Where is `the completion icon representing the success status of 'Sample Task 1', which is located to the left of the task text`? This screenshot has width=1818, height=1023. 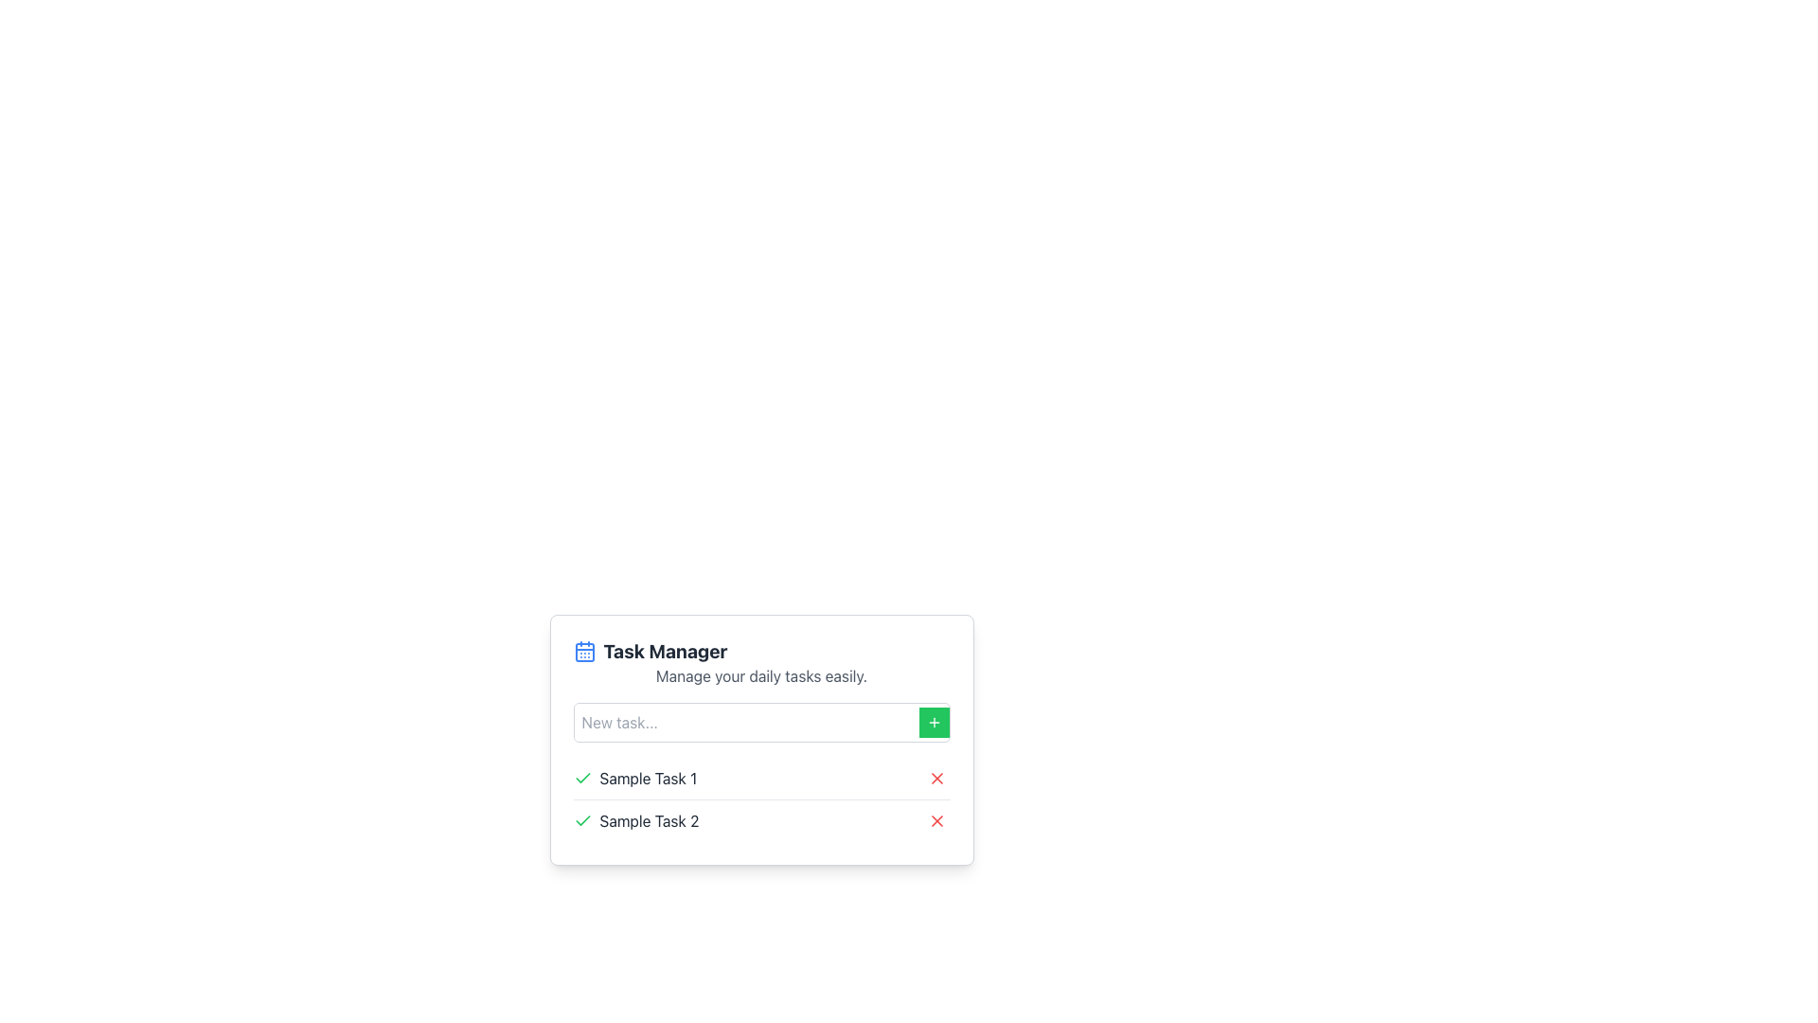
the completion icon representing the success status of 'Sample Task 1', which is located to the left of the task text is located at coordinates (581, 778).